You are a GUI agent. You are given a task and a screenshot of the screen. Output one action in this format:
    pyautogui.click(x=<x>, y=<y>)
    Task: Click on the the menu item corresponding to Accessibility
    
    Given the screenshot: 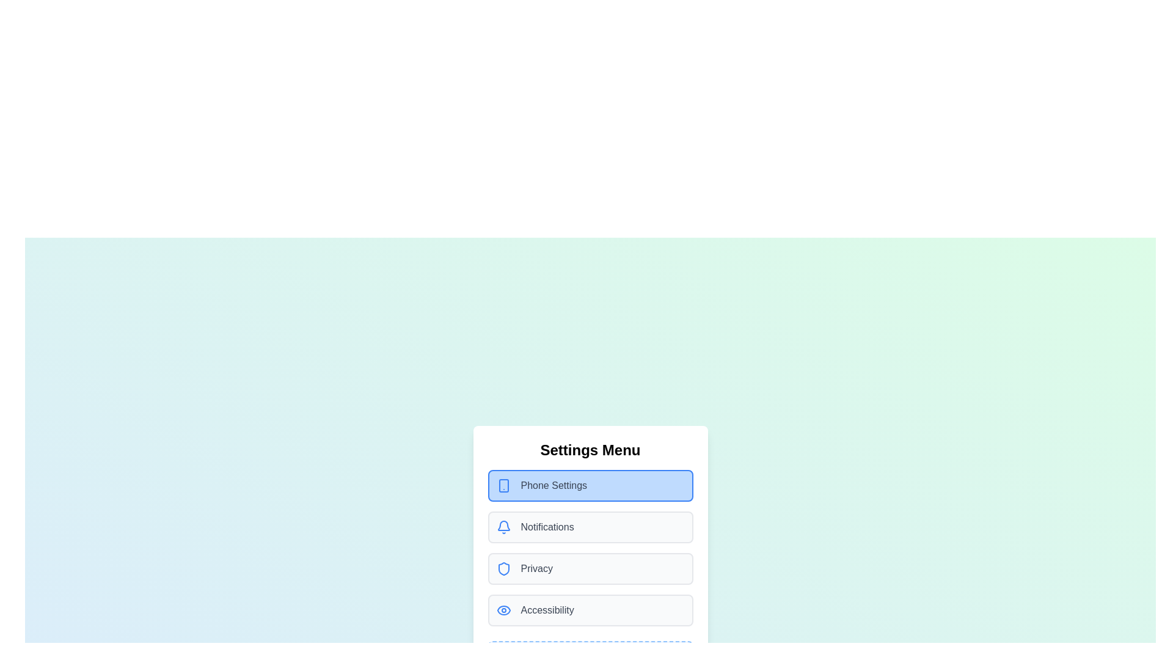 What is the action you would take?
    pyautogui.click(x=590, y=610)
    